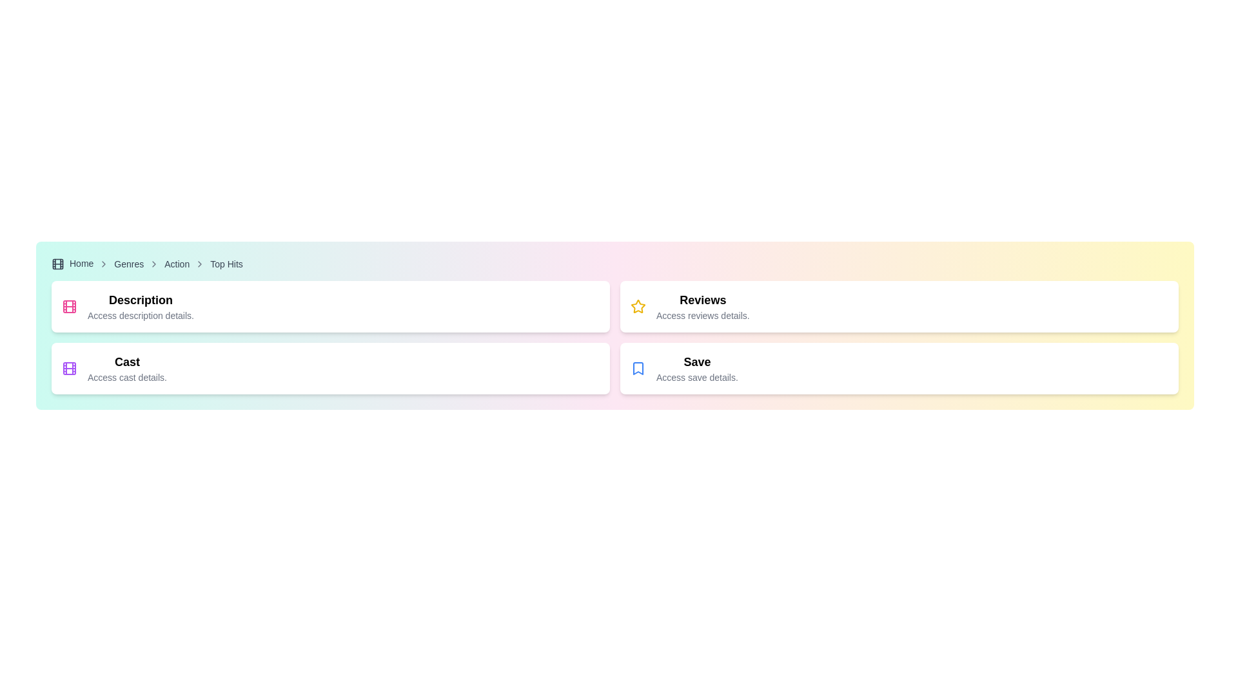 The width and height of the screenshot is (1238, 696). What do you see at coordinates (702, 307) in the screenshot?
I see `the text block that displays the heading 'Reviews' and the subtitle 'Access reviews details', which is styled with a modern sans-serif font and positioned within a white rounded rectangular card, the second card in a horizontal list` at bounding box center [702, 307].